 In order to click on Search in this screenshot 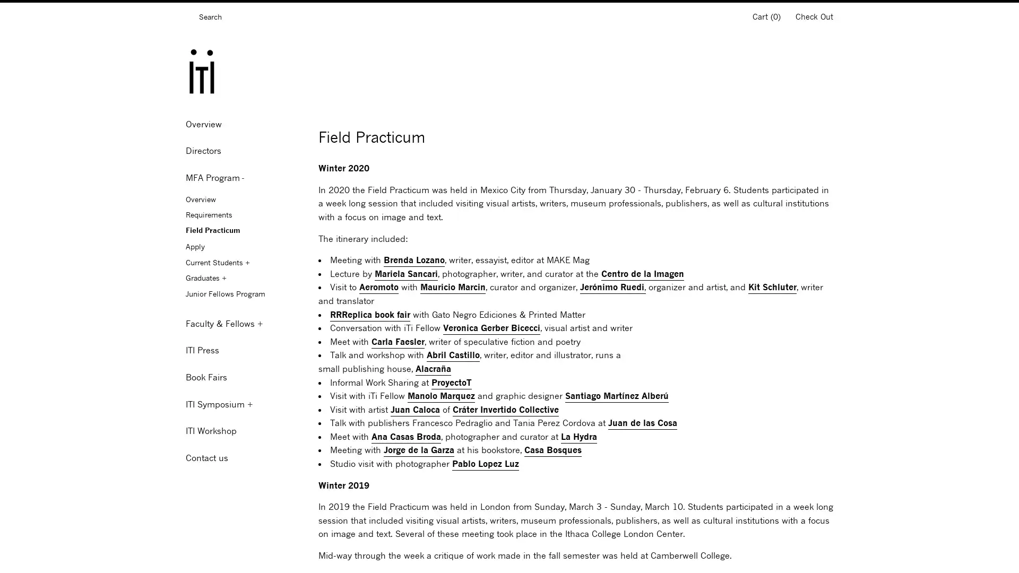, I will do `click(188, 19)`.